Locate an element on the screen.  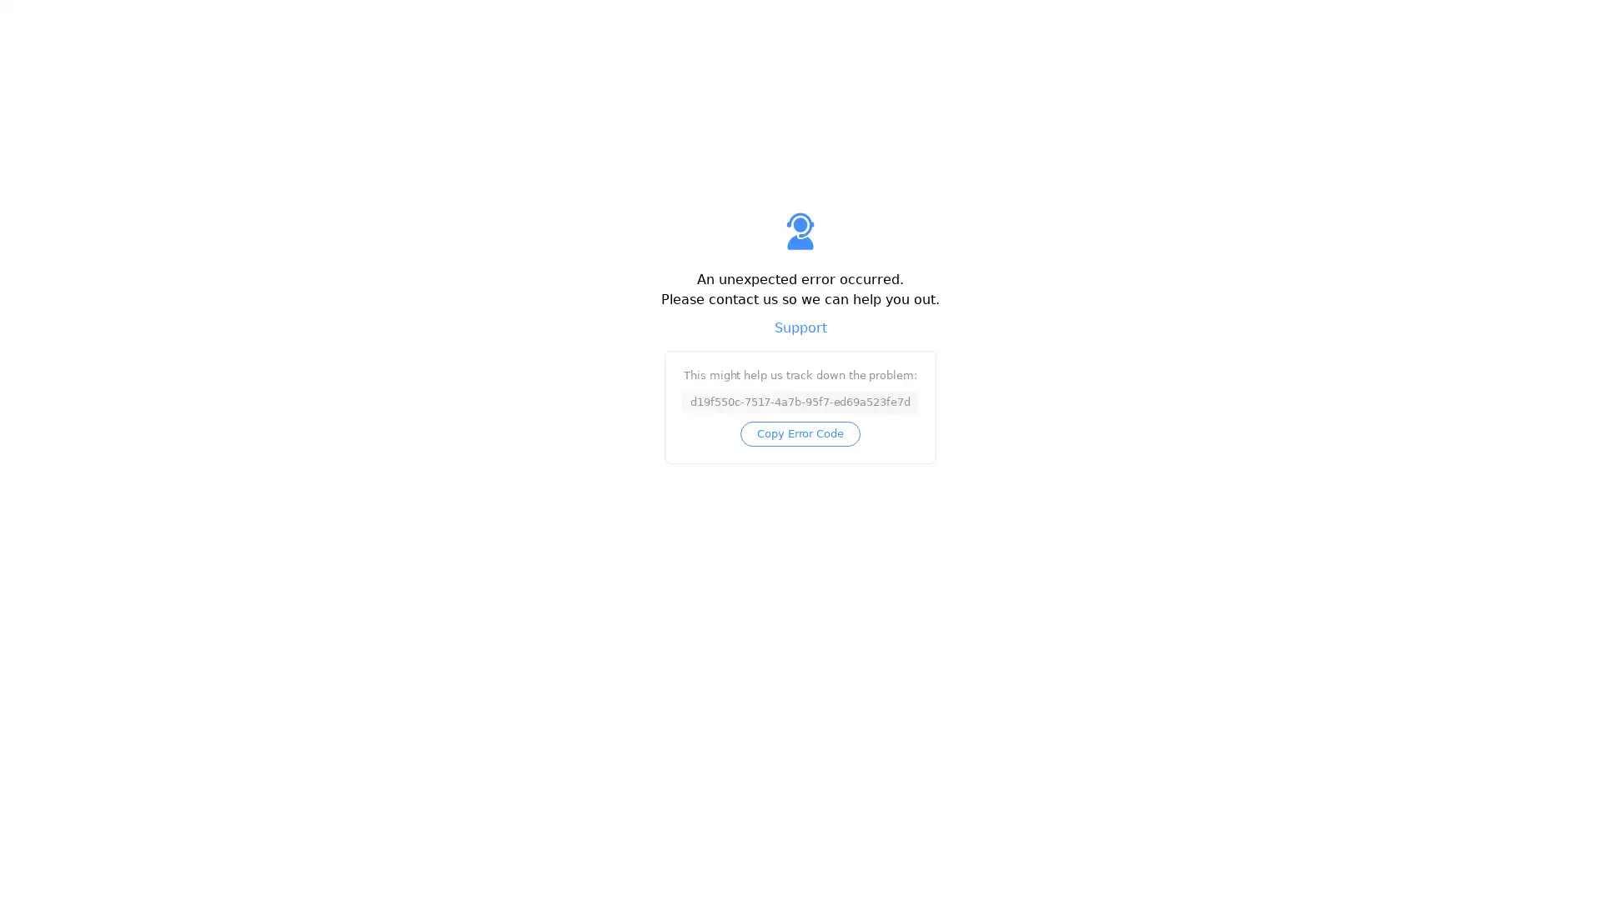
Copy Error Code to Clipboard is located at coordinates (799, 432).